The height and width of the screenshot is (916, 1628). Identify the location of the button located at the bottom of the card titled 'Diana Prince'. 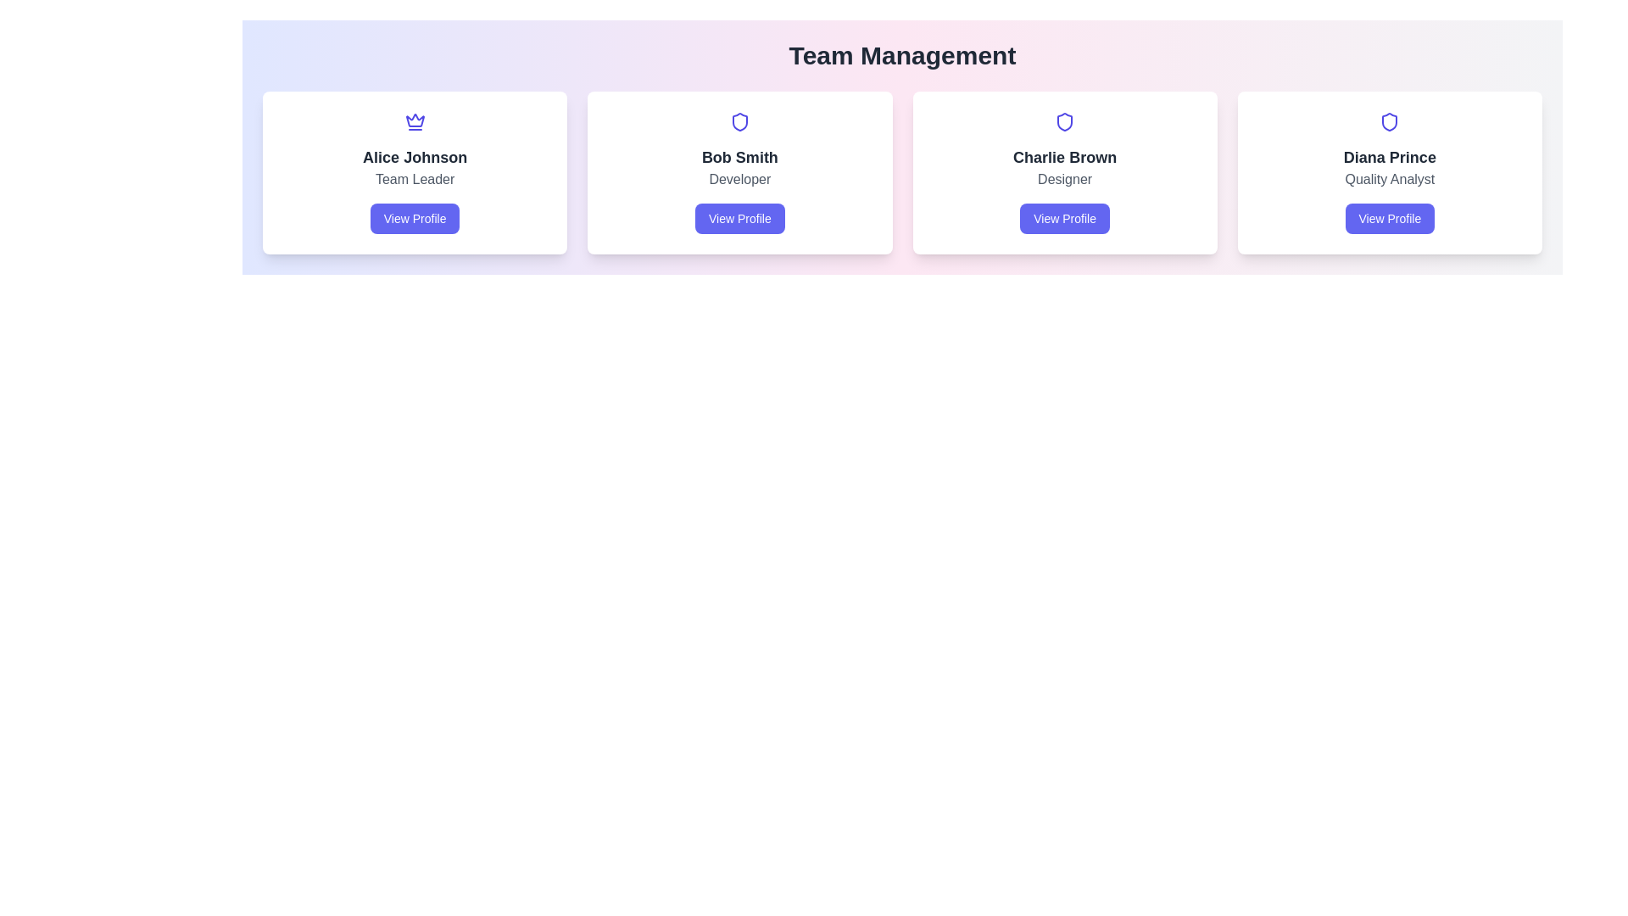
(1390, 218).